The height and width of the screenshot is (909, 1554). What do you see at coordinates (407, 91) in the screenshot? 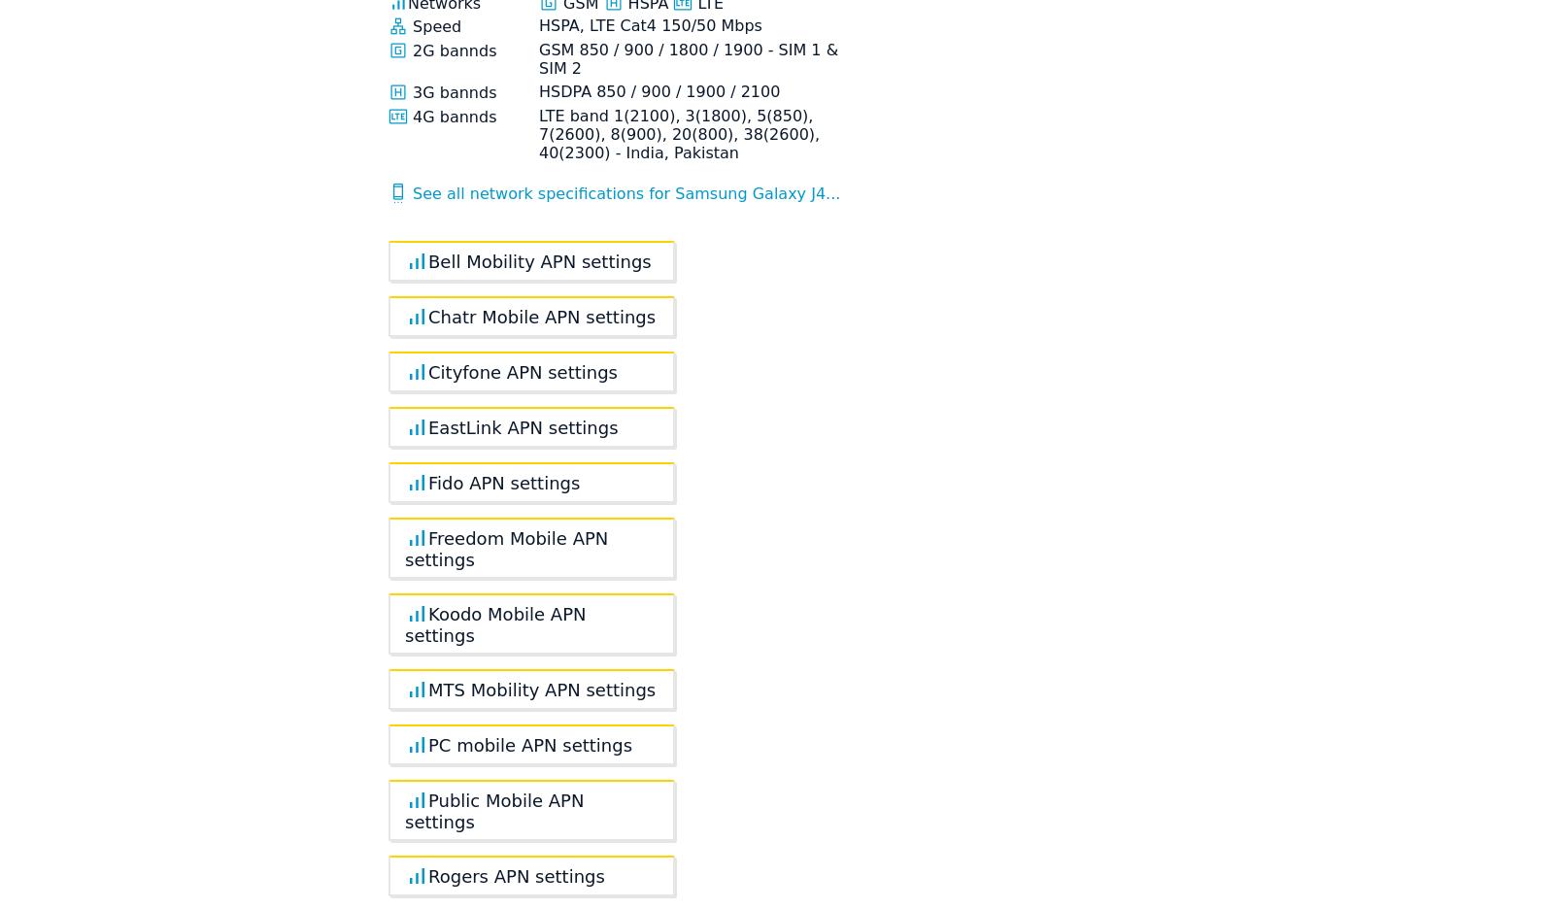
I see `'3G bannds'` at bounding box center [407, 91].